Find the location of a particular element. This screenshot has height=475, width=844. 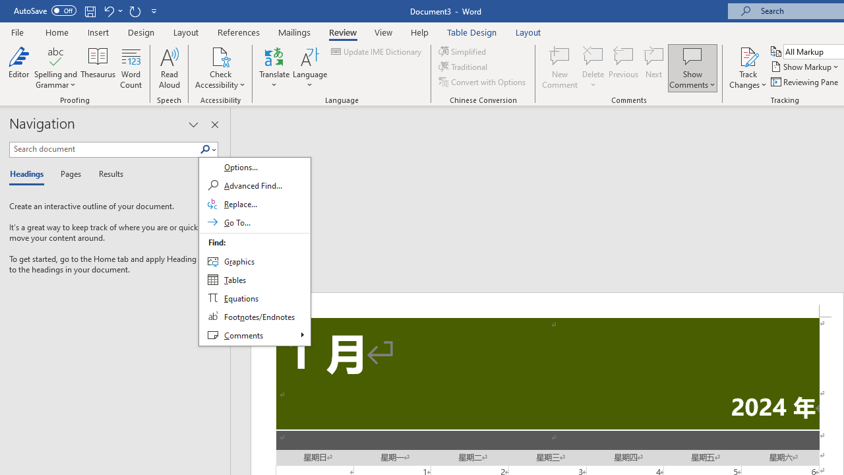

'Traditional' is located at coordinates (464, 67).